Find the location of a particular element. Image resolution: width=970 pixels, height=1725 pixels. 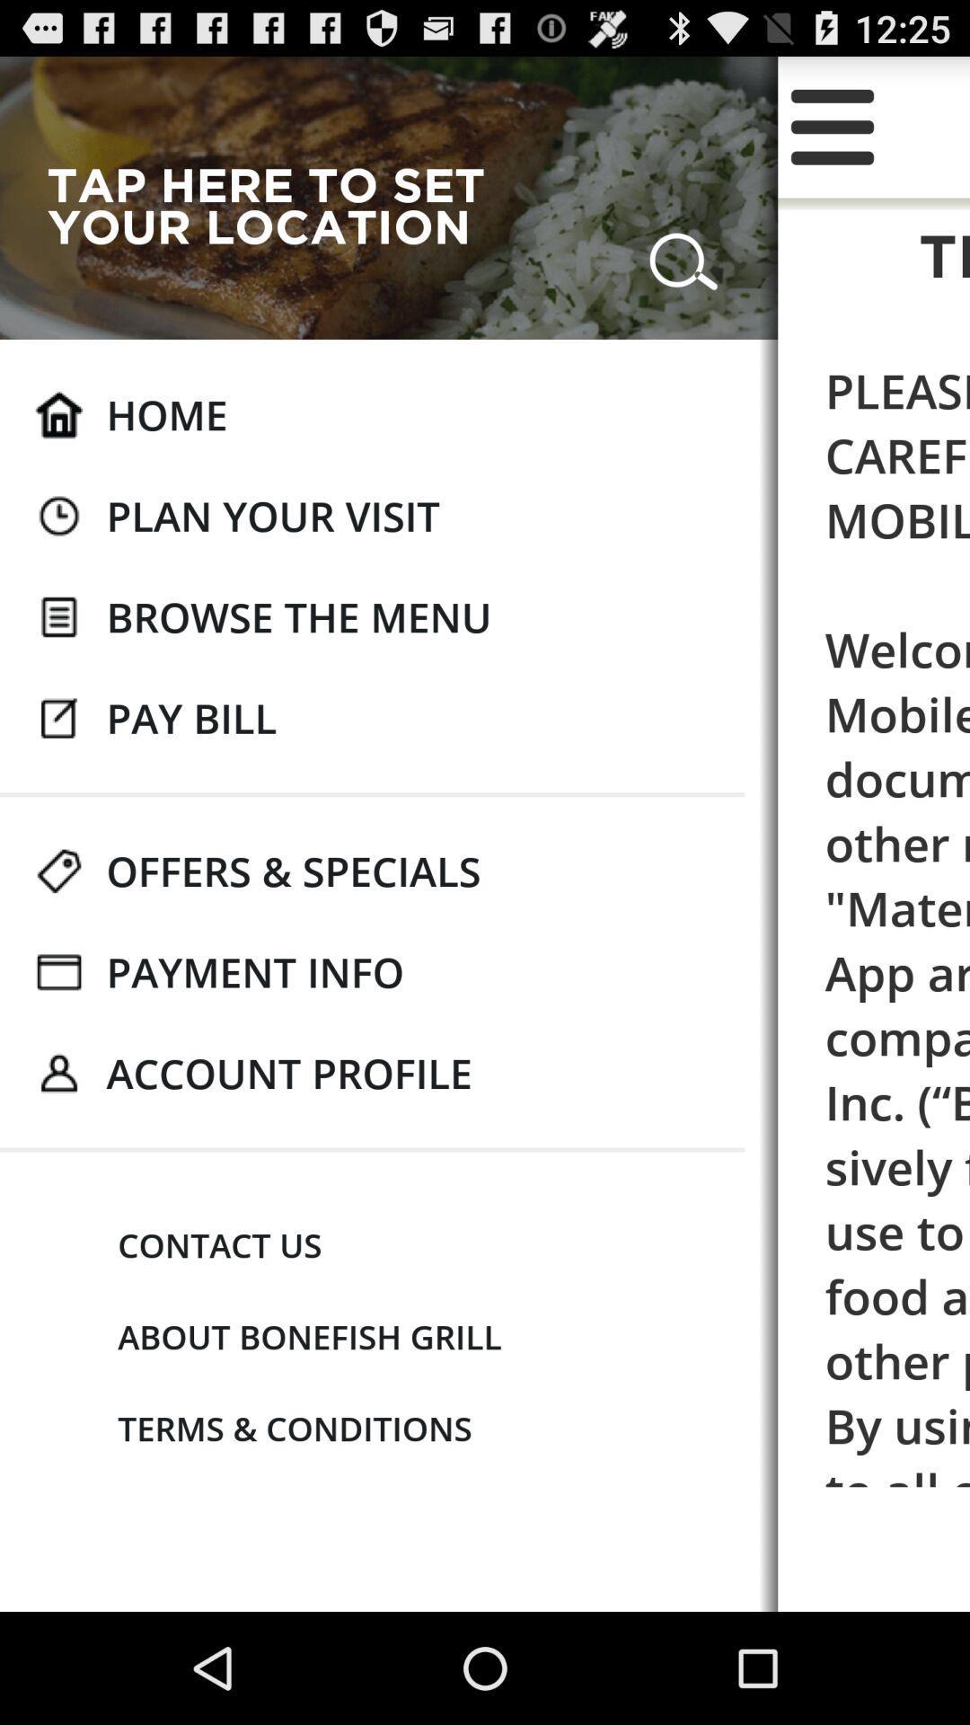

the payment info app is located at coordinates (255, 971).